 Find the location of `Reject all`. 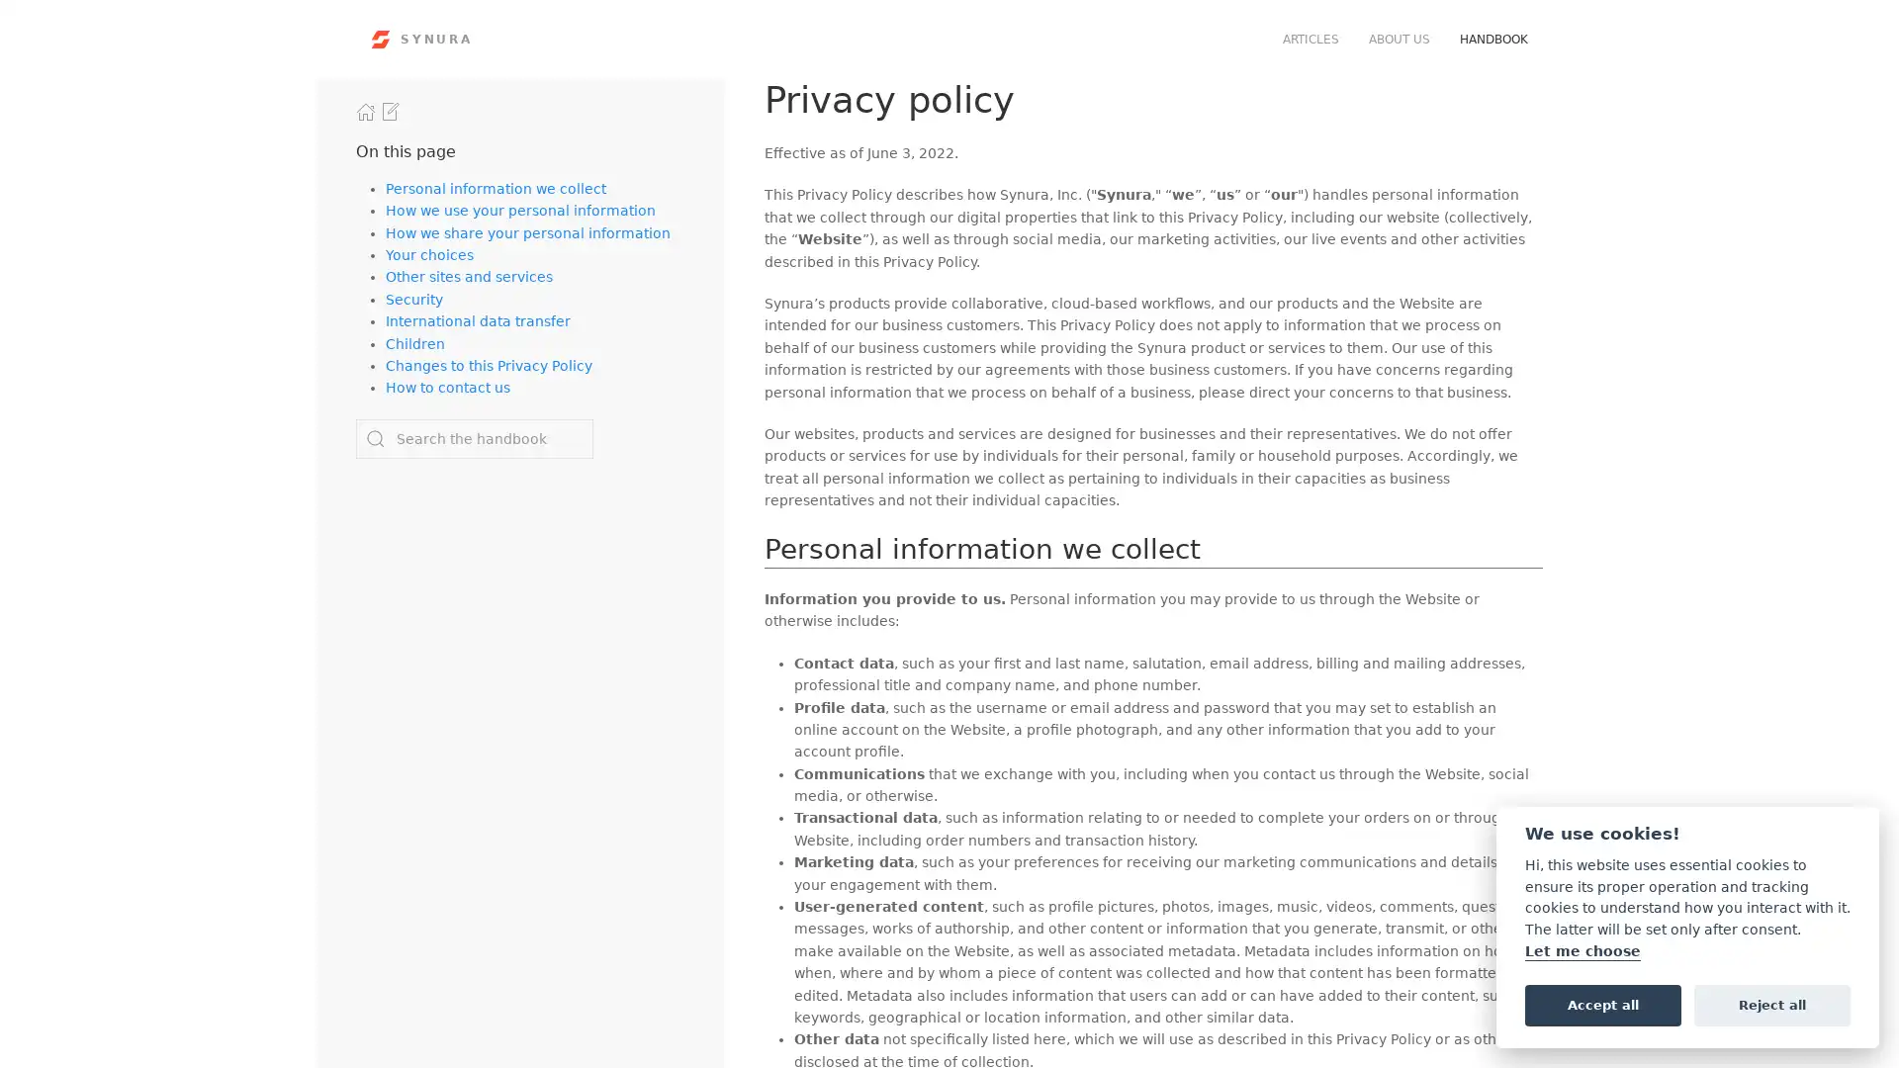

Reject all is located at coordinates (1771, 1004).